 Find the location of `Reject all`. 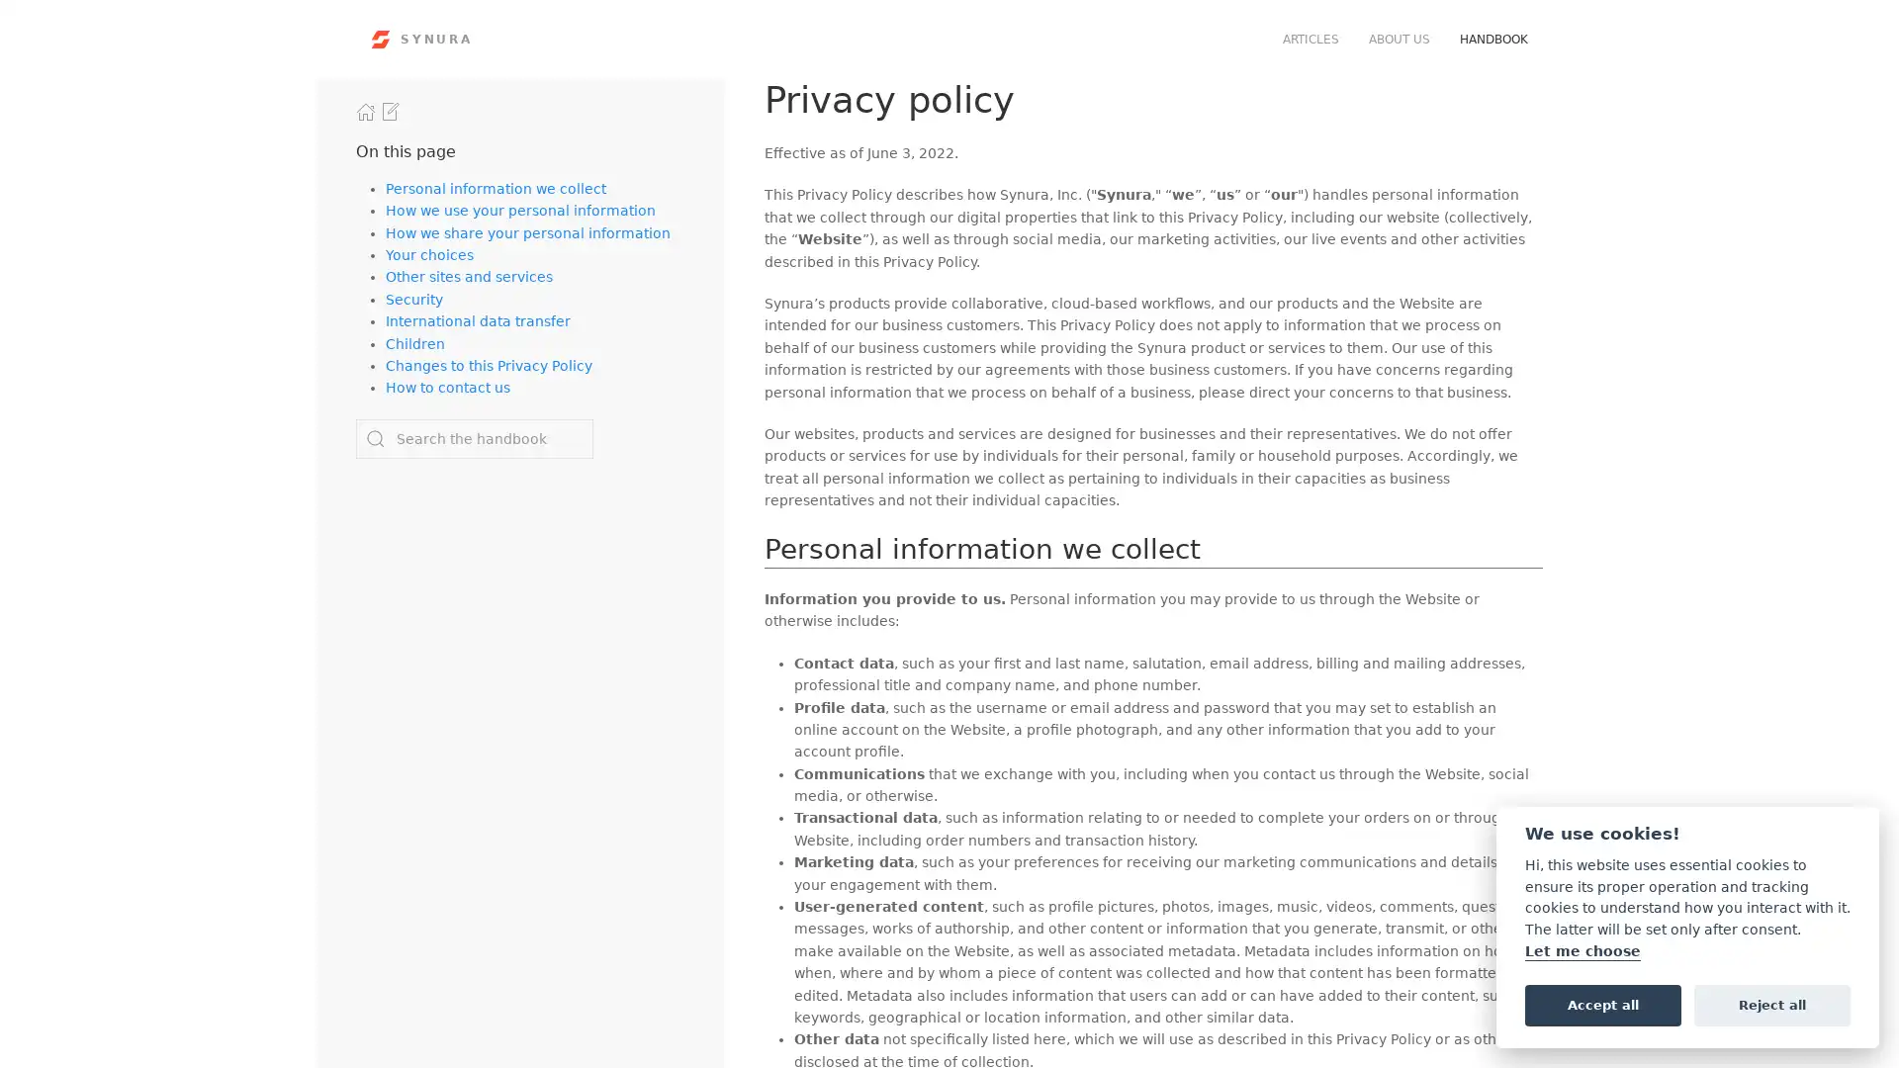

Reject all is located at coordinates (1771, 1004).